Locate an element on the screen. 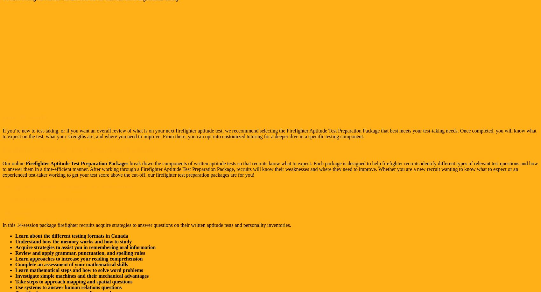  'Package #1: Canadian Firefighter Test Preparation' is located at coordinates (2, 187).